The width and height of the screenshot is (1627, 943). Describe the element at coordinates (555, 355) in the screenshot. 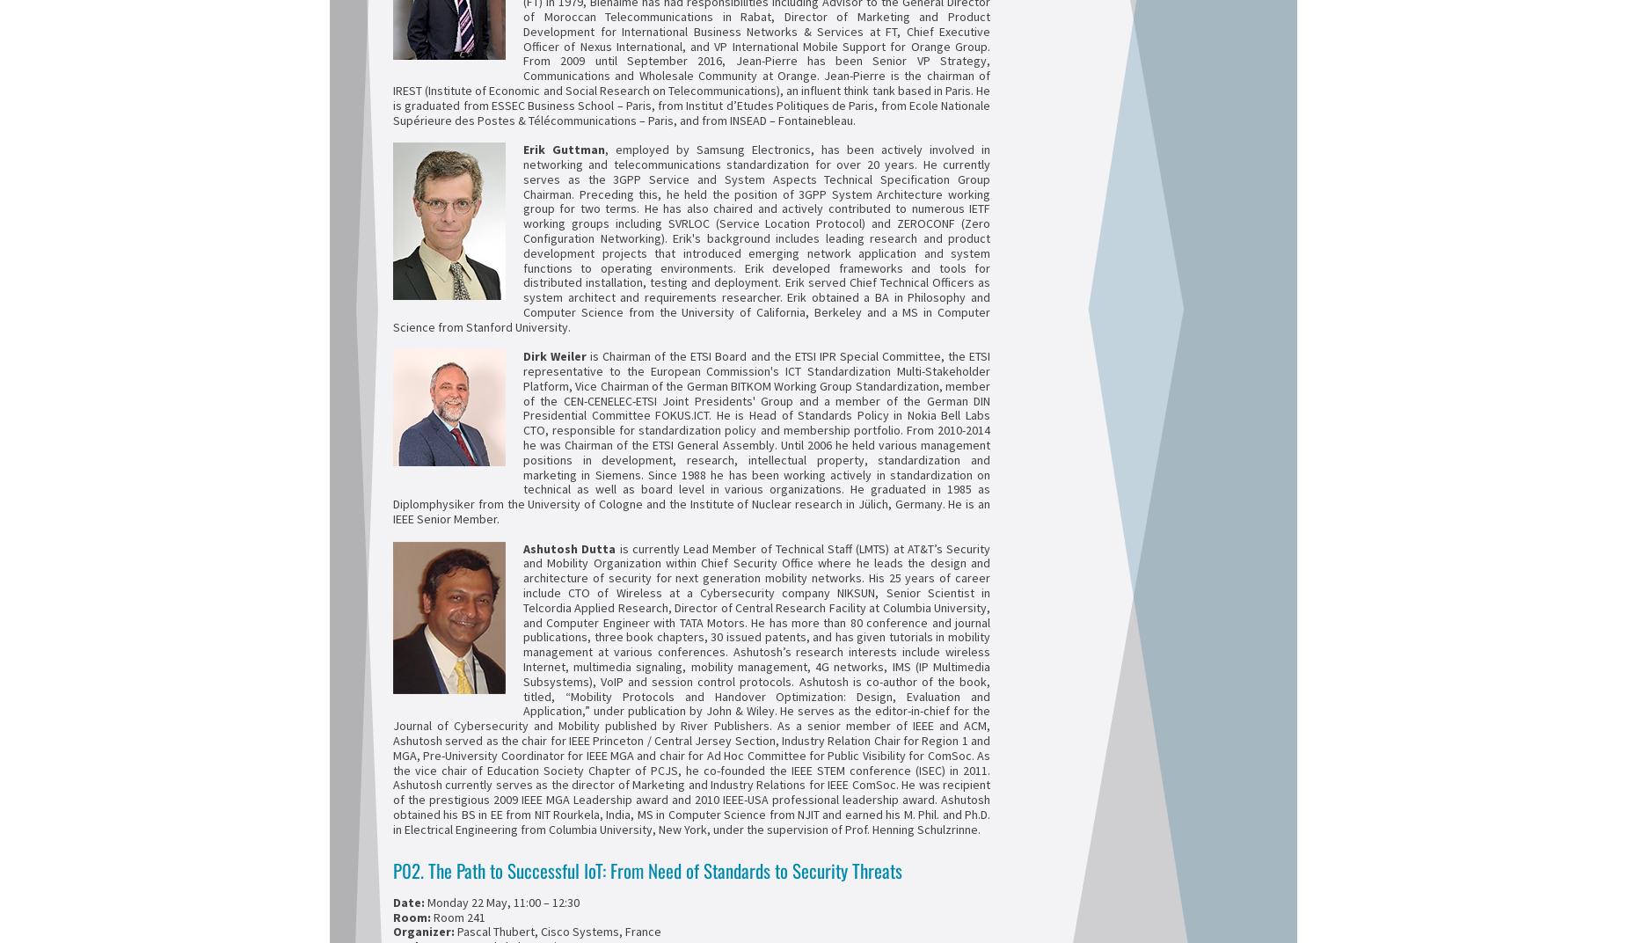

I see `'Dirk Weiler'` at that location.